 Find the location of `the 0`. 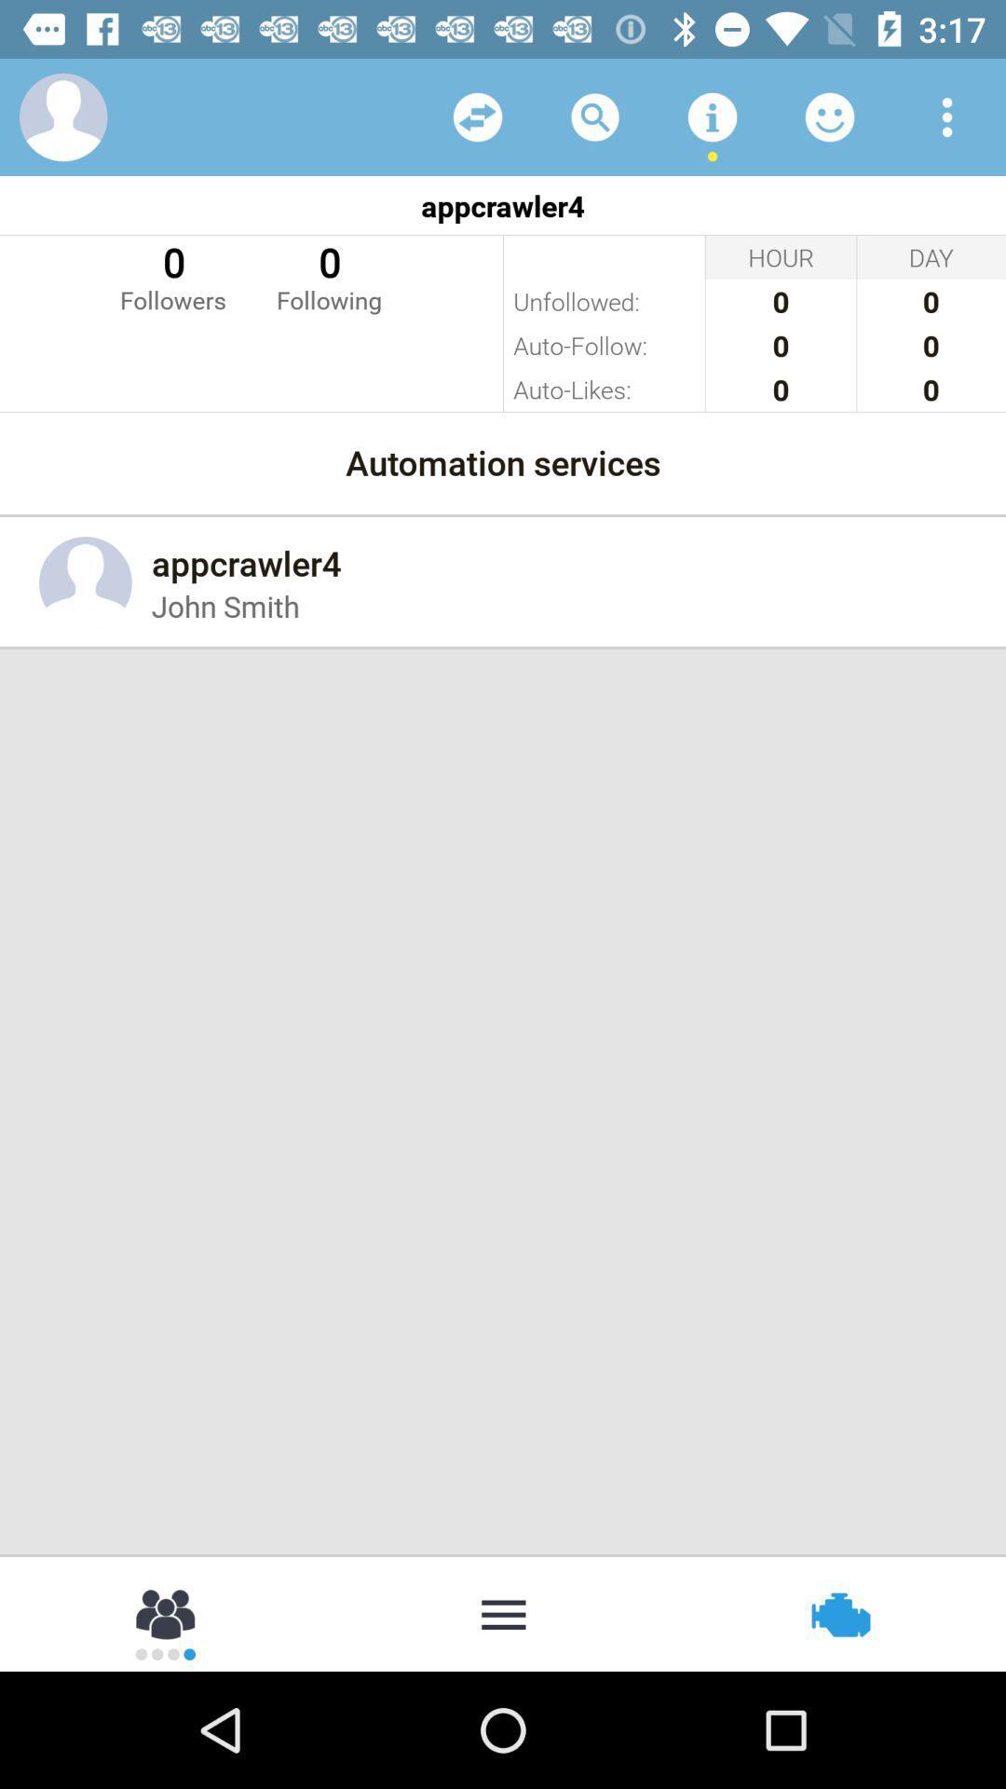

the 0 is located at coordinates (328, 275).